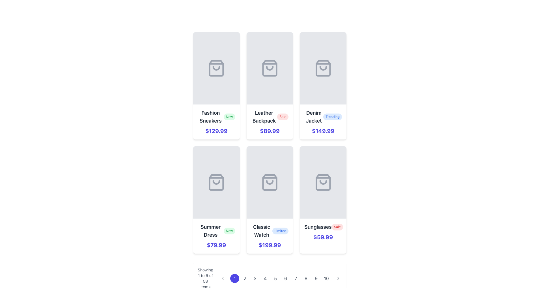  Describe the element at coordinates (270, 245) in the screenshot. I see `text value of the price label located in the second card of the grid layout, positioned below the 'Classic Watch' title and beneath the 'Limited' label` at that location.